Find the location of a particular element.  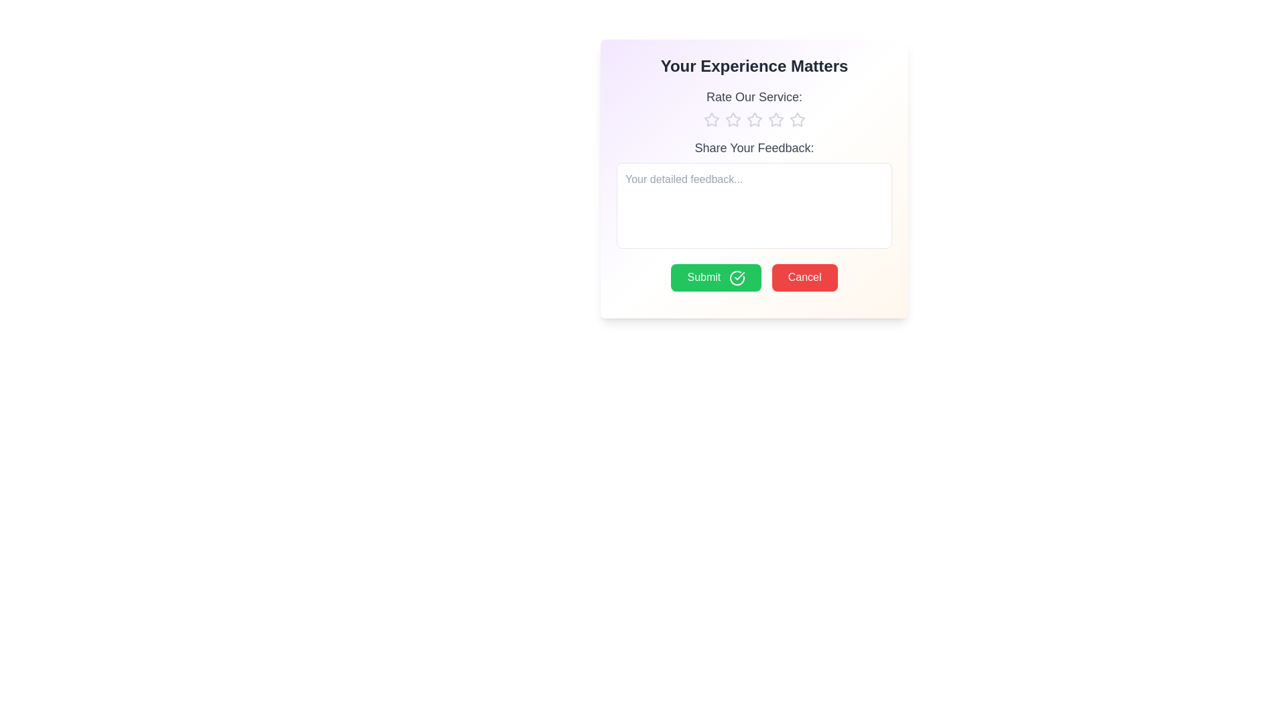

the textarea and type the feedback 'This is my feedback' is located at coordinates (754, 206).